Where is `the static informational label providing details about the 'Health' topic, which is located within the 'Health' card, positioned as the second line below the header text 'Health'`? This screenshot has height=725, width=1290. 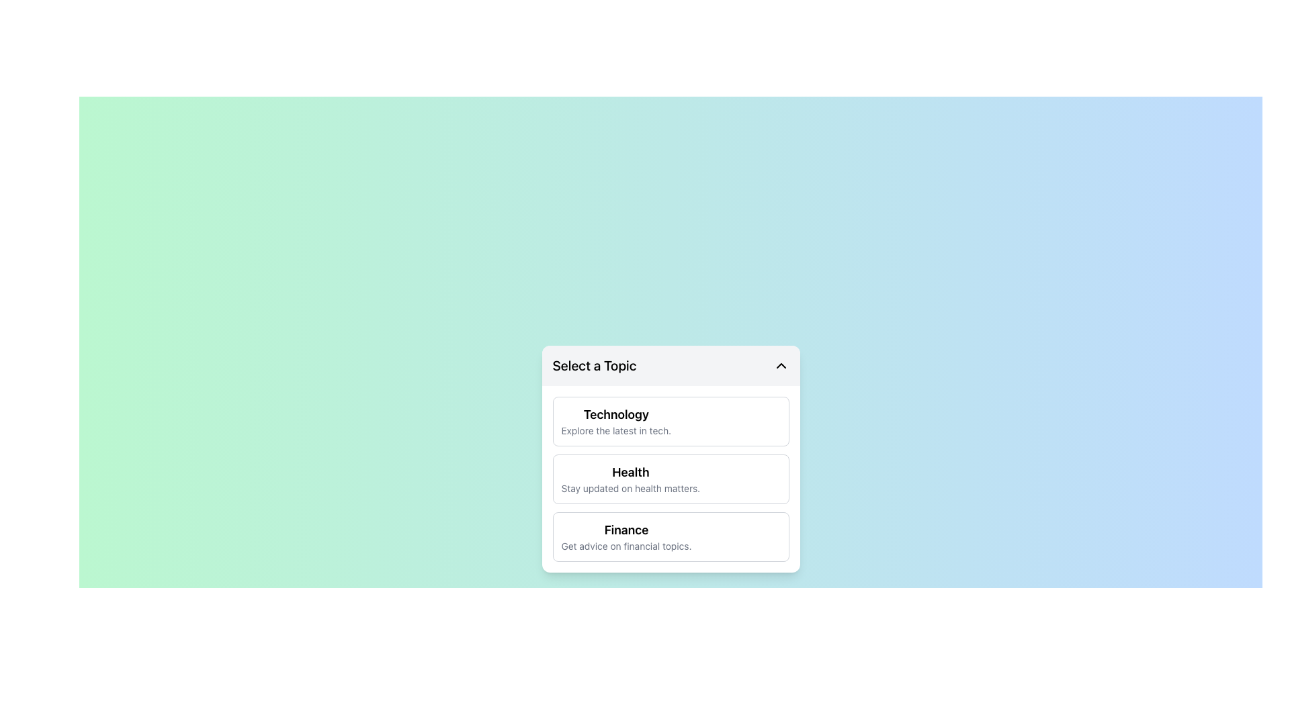 the static informational label providing details about the 'Health' topic, which is located within the 'Health' card, positioned as the second line below the header text 'Health' is located at coordinates (630, 489).